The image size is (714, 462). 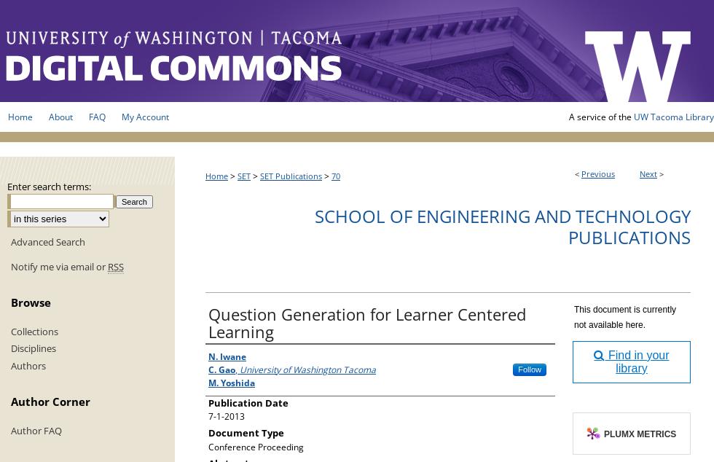 I want to click on ',', so click(x=235, y=368).